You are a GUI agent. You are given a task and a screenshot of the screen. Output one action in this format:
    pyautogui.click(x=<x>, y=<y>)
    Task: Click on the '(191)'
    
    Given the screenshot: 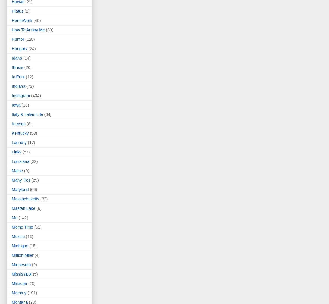 What is the action you would take?
    pyautogui.click(x=32, y=293)
    